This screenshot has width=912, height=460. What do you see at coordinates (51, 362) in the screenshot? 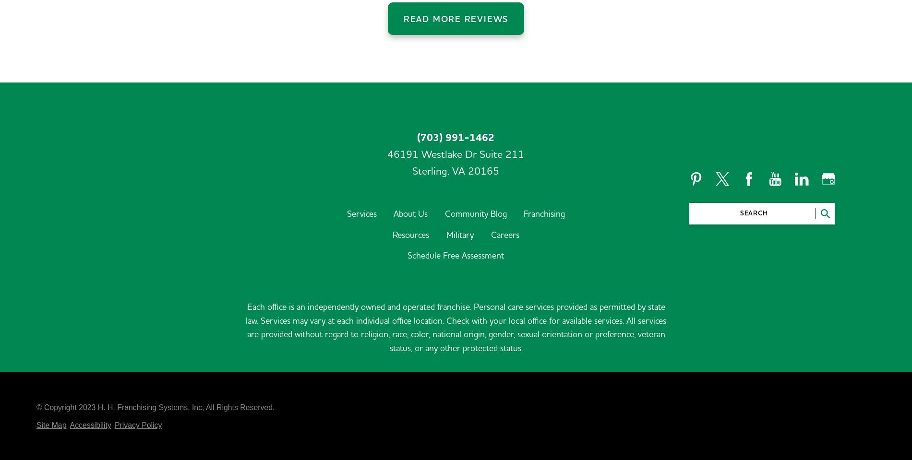
I see `'Site Map'` at bounding box center [51, 362].